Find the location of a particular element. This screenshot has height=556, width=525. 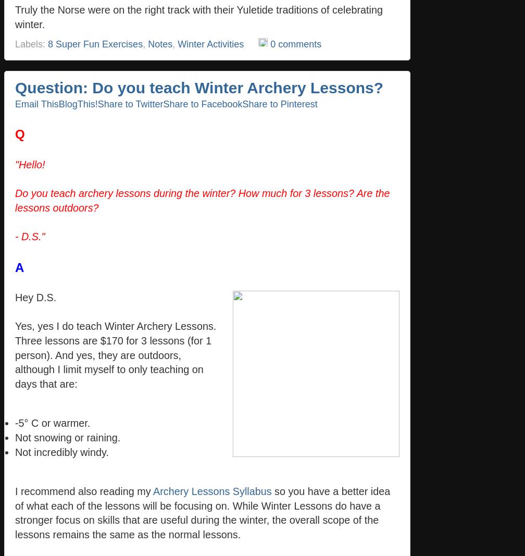

'so you have a better idea of what each of the lessons will be focusing on. While Winter Lessons do have a stronger focus on skills that are useful during the winter, the overall scope of the lessons remains the same as the normal lessons.' is located at coordinates (202, 512).